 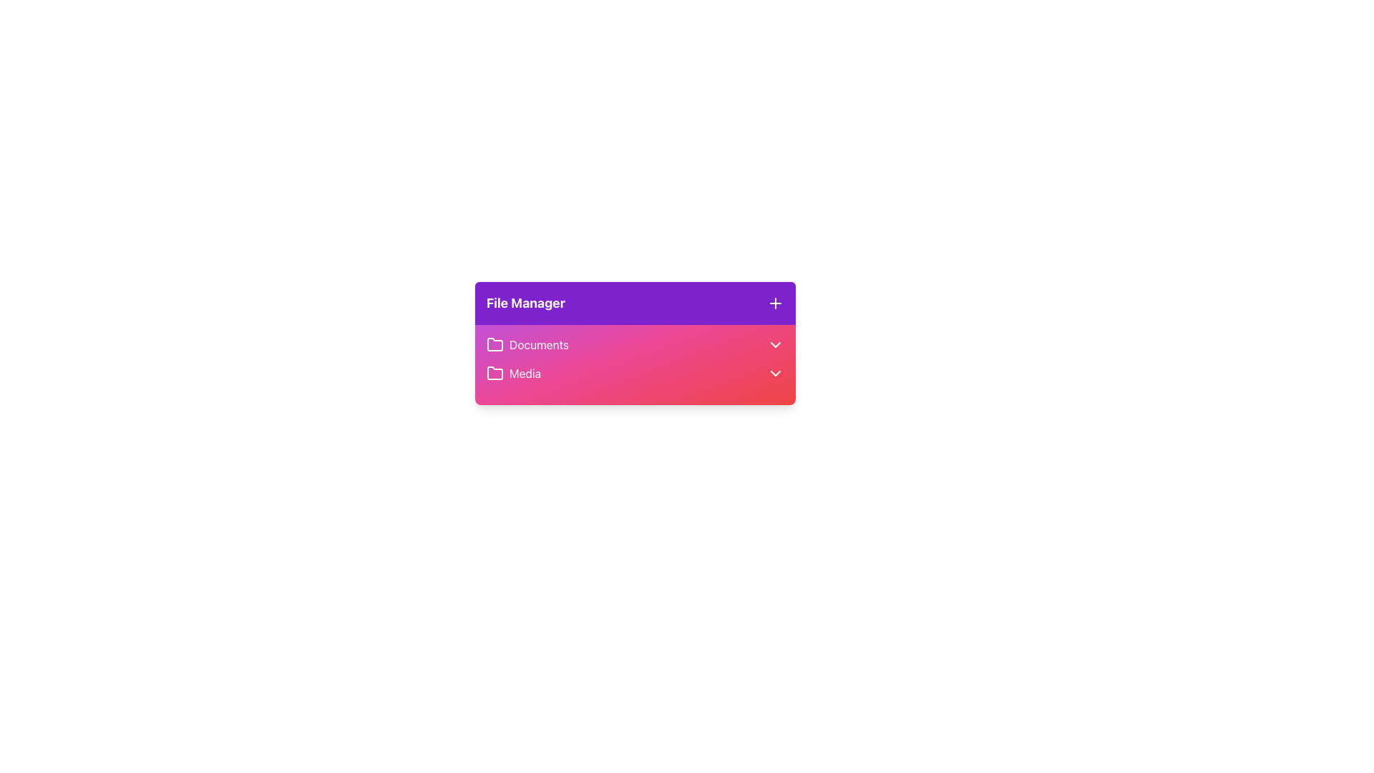 I want to click on the first row in the File Manager that represents the 'Documents' section, so click(x=635, y=345).